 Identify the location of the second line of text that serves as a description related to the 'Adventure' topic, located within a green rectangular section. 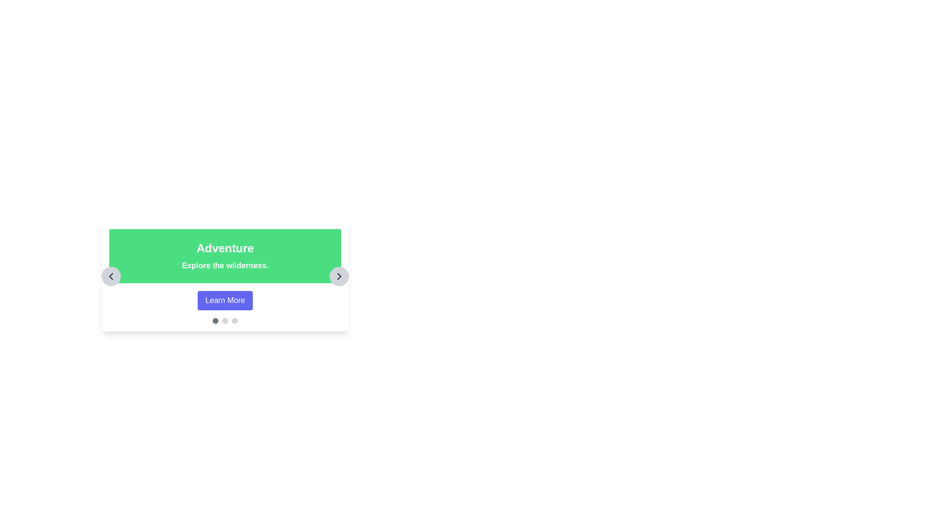
(224, 266).